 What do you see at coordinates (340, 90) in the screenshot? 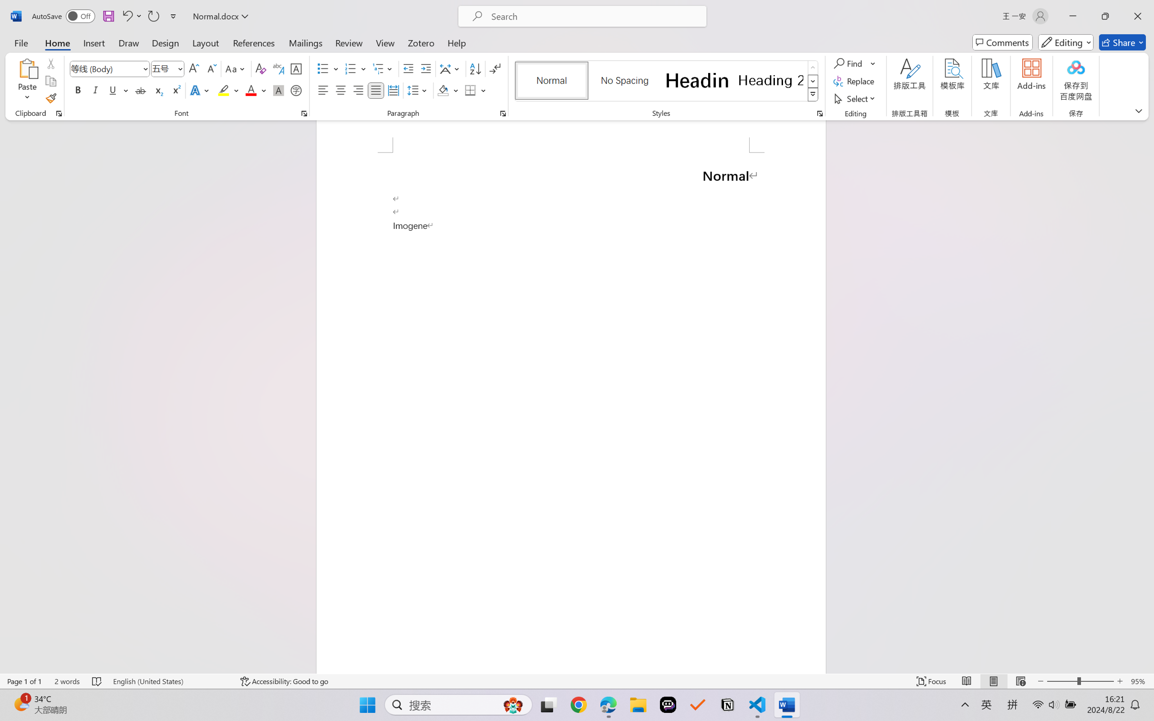
I see `'Center'` at bounding box center [340, 90].